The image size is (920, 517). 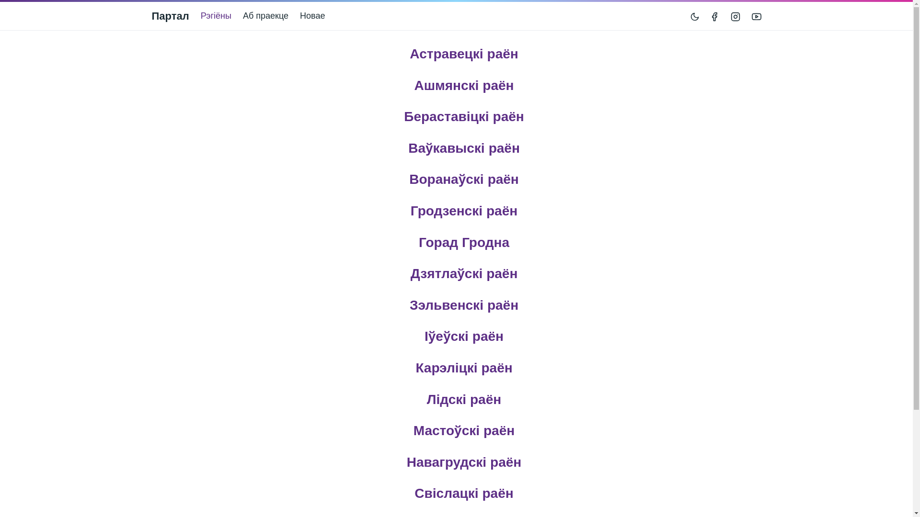 I want to click on '>, so click(x=715, y=16).